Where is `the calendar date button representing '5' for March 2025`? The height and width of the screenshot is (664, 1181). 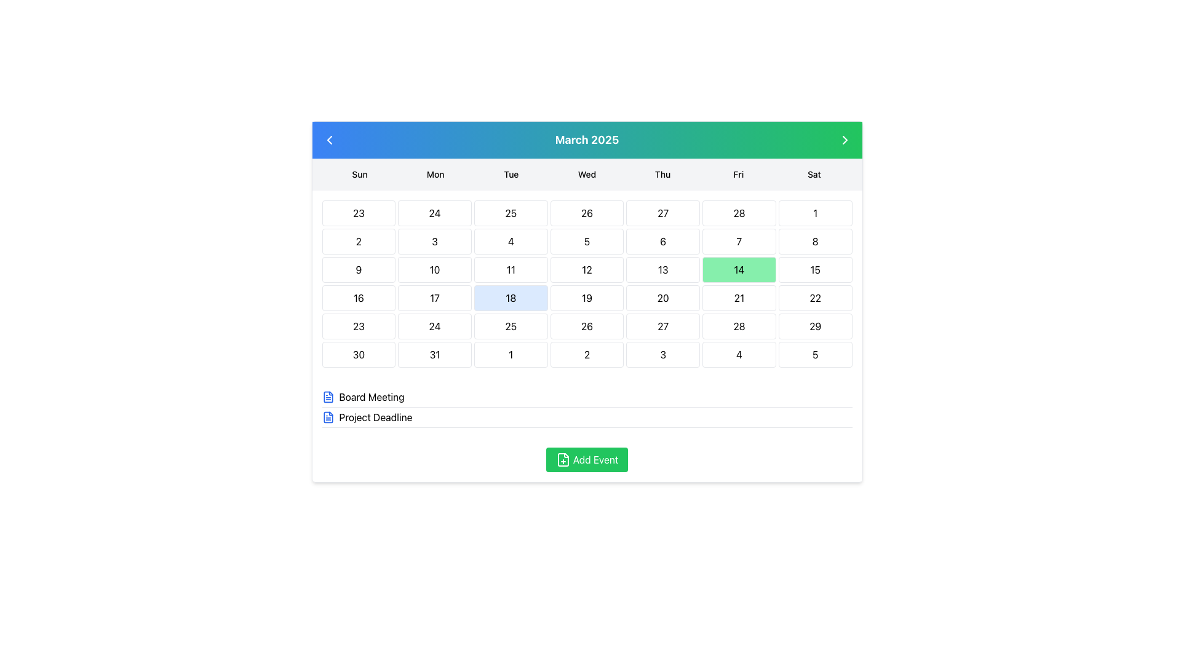 the calendar date button representing '5' for March 2025 is located at coordinates (815, 355).